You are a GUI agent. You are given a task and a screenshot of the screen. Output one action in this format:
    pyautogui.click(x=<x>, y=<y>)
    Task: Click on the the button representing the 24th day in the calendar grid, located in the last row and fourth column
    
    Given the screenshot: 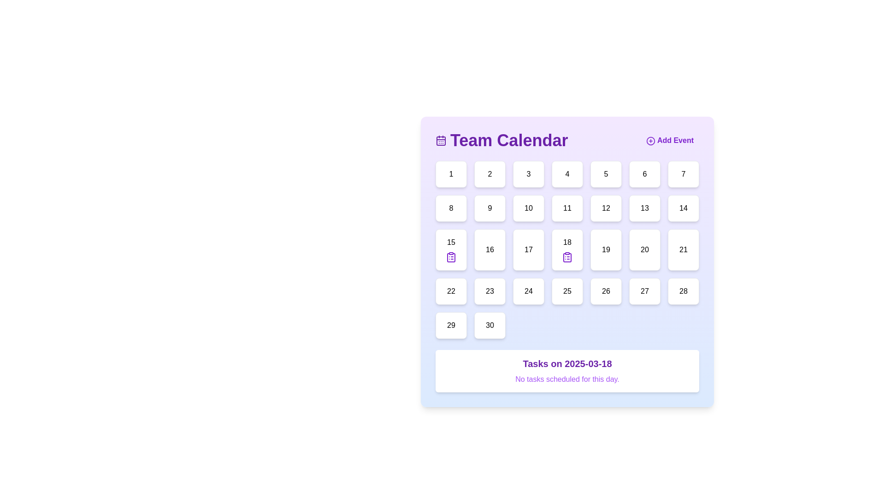 What is the action you would take?
    pyautogui.click(x=529, y=291)
    